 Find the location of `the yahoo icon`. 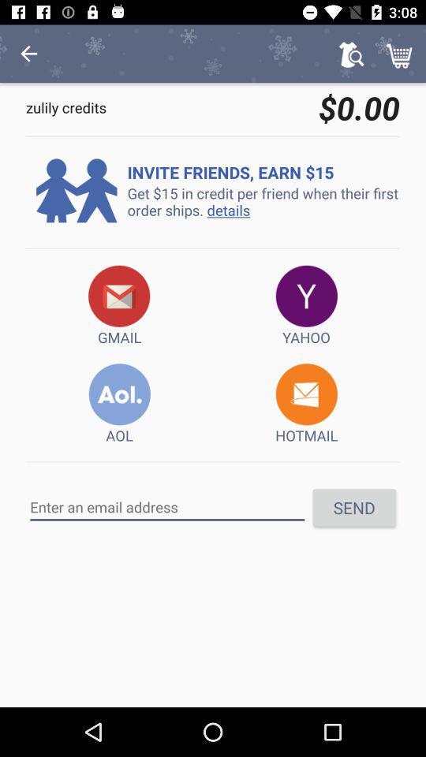

the yahoo icon is located at coordinates (306, 305).